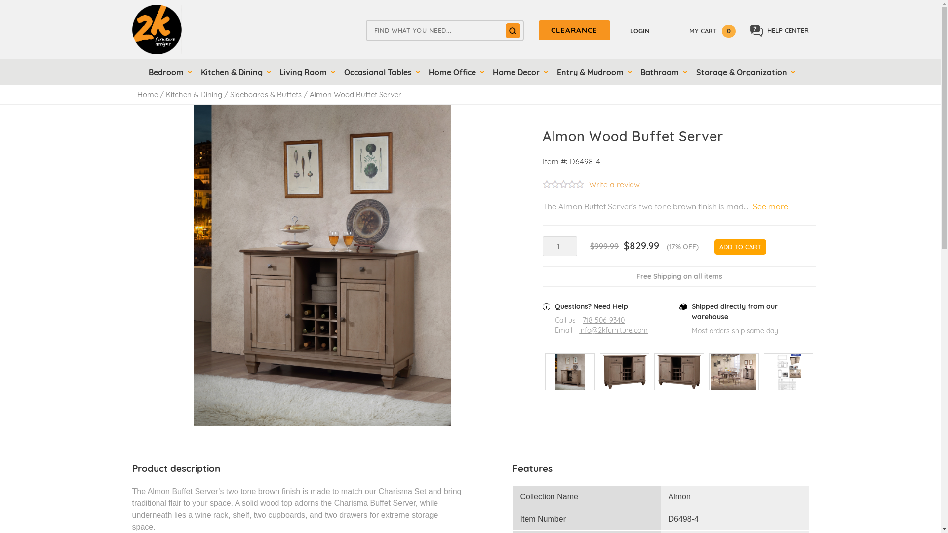 Image resolution: width=948 pixels, height=533 pixels. What do you see at coordinates (454, 72) in the screenshot?
I see `'Home Office'` at bounding box center [454, 72].